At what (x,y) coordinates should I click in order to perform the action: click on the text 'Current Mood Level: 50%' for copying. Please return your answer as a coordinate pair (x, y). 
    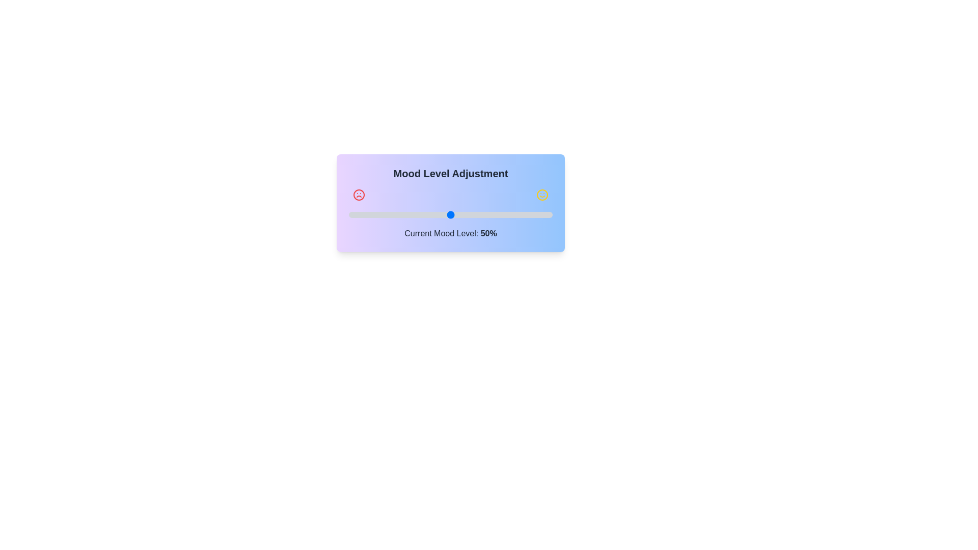
    Looking at the image, I should click on (450, 234).